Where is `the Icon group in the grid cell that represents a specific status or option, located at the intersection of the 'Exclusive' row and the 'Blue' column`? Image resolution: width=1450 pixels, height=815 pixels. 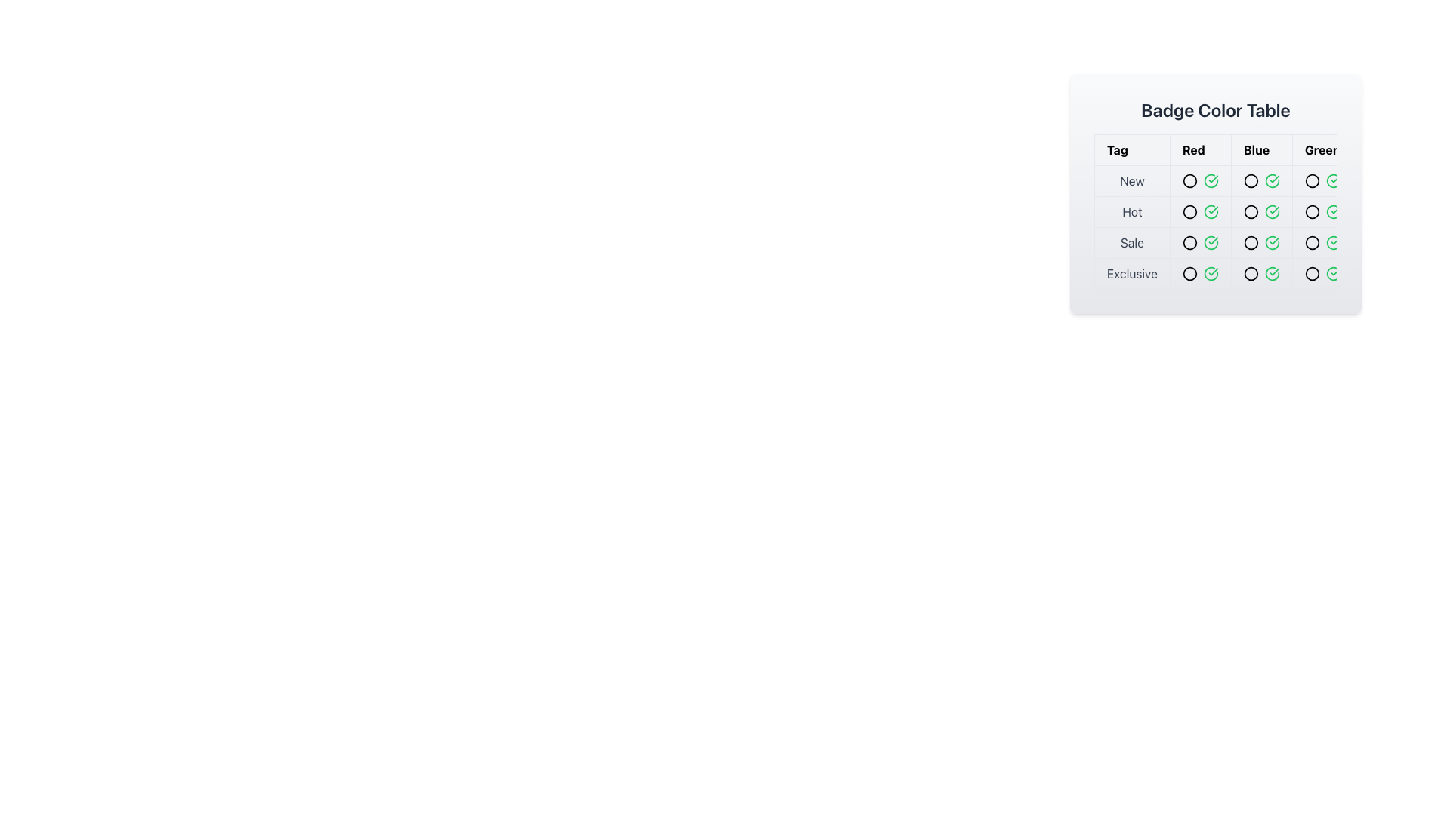 the Icon group in the grid cell that represents a specific status or option, located at the intersection of the 'Exclusive' row and the 'Blue' column is located at coordinates (1261, 273).